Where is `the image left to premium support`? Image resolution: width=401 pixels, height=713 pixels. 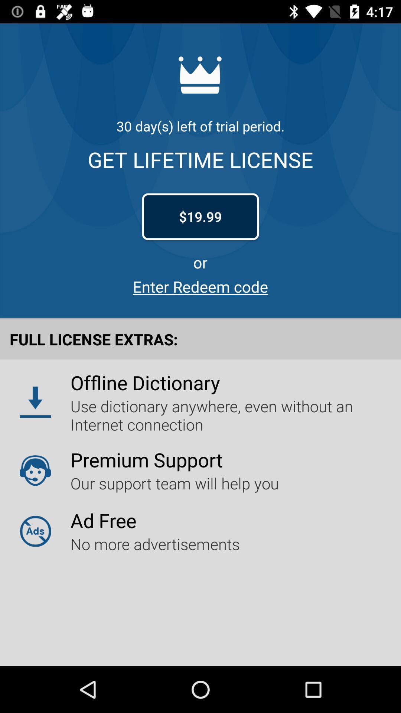 the image left to premium support is located at coordinates (35, 470).